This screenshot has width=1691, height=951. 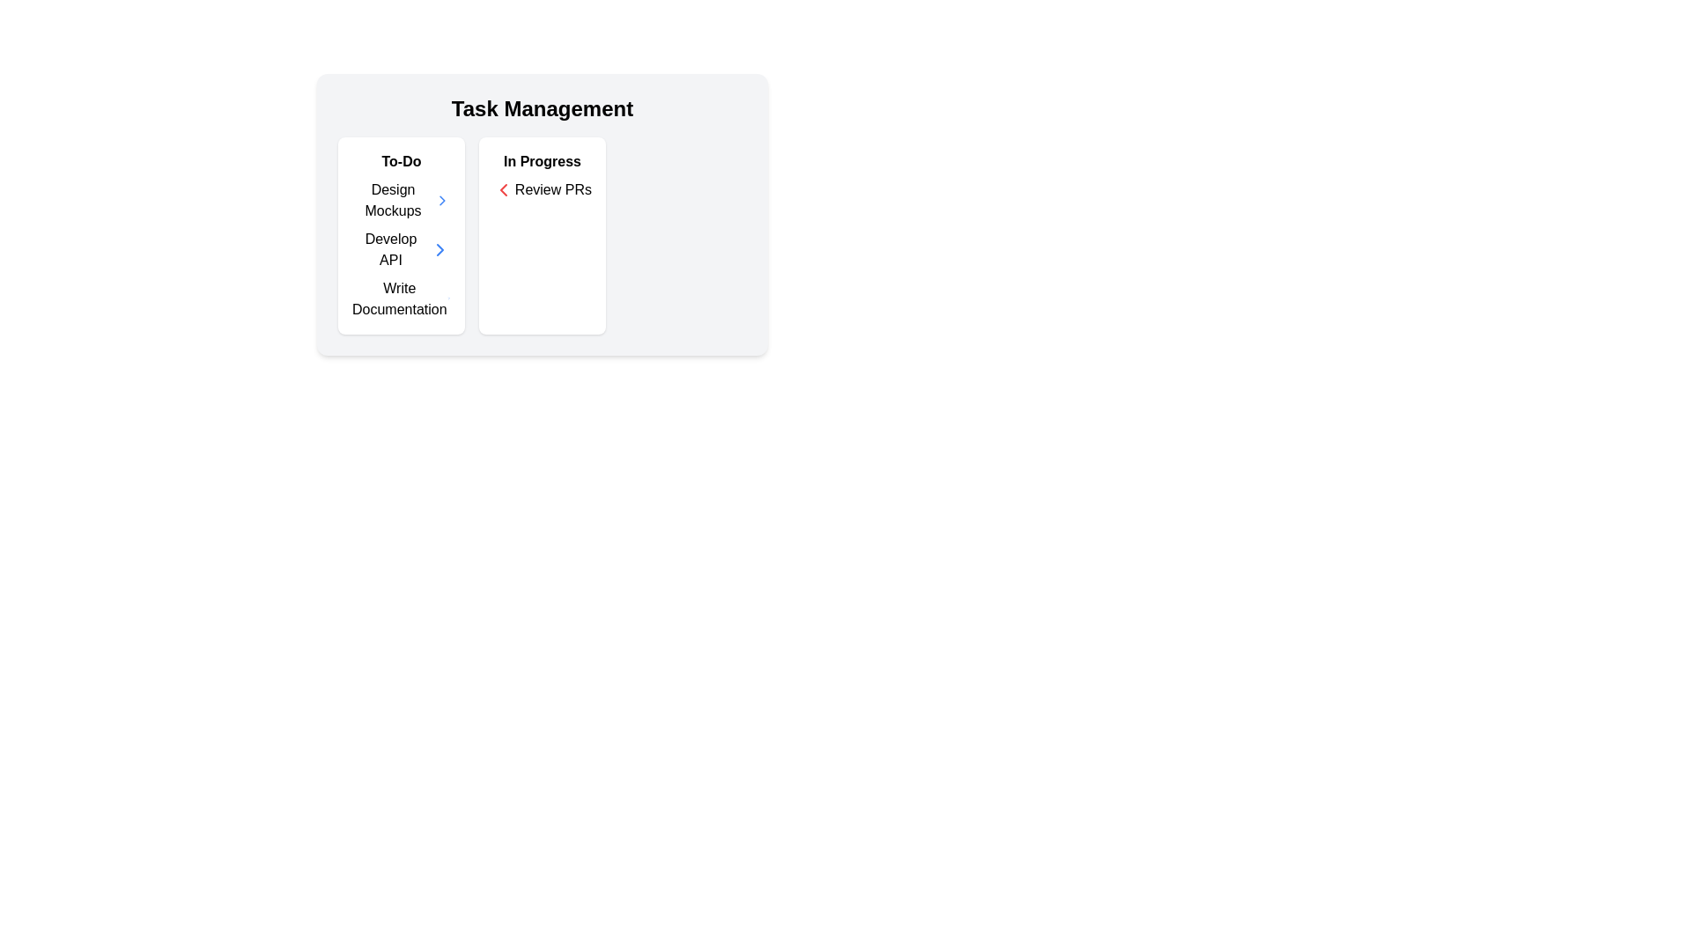 What do you see at coordinates (541, 162) in the screenshot?
I see `the text label displaying 'In Progress' which is styled in bold and positioned at the top-left of the card titled 'Review PRs'` at bounding box center [541, 162].